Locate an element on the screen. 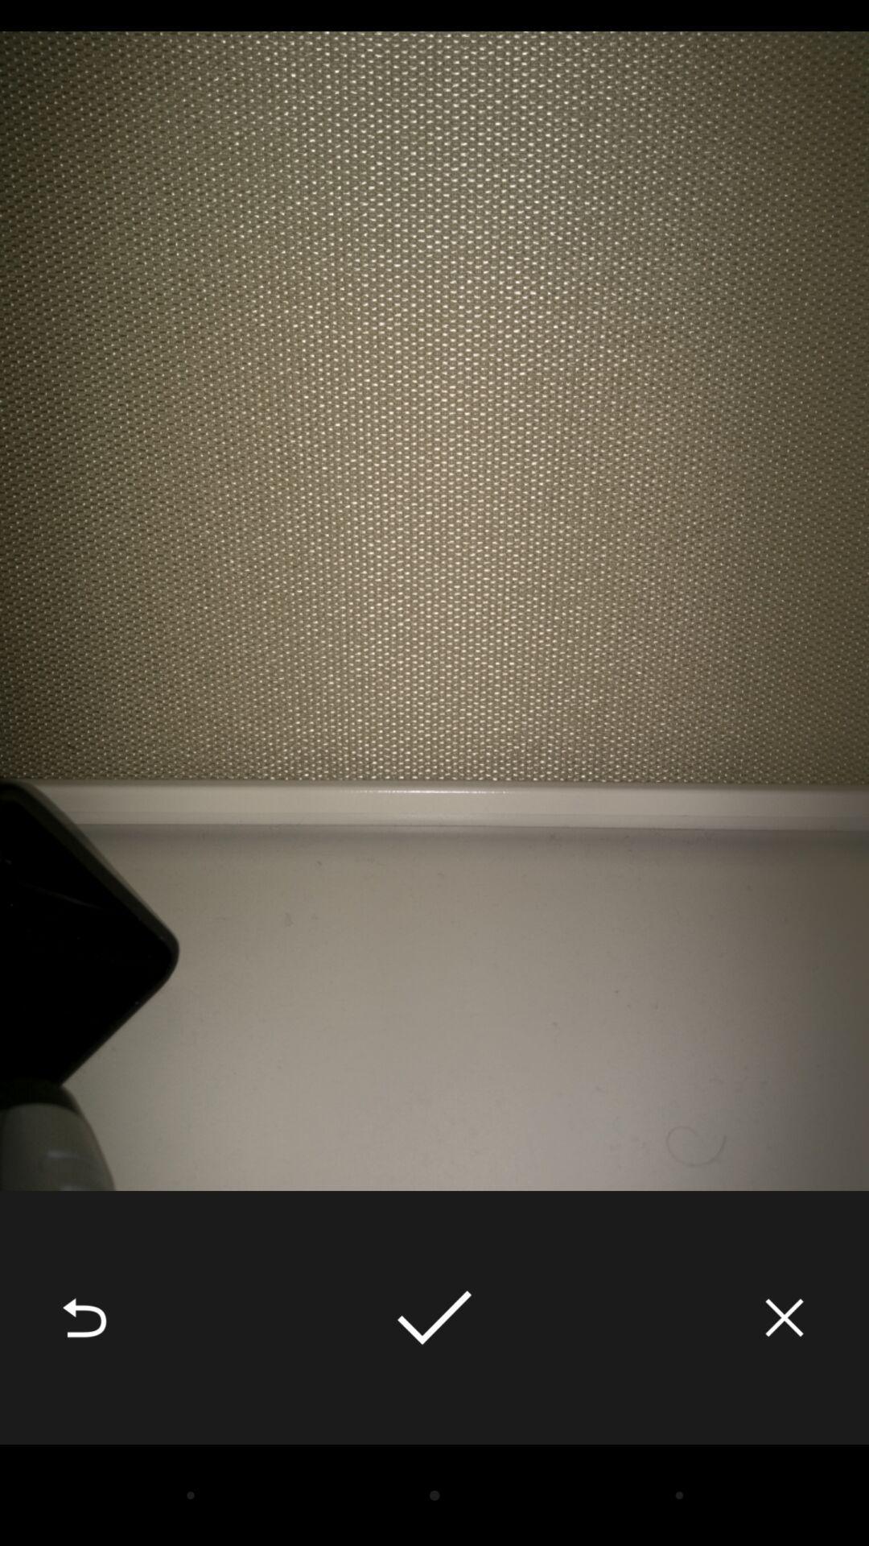 Image resolution: width=869 pixels, height=1546 pixels. the icon at the bottom right corner is located at coordinates (784, 1317).